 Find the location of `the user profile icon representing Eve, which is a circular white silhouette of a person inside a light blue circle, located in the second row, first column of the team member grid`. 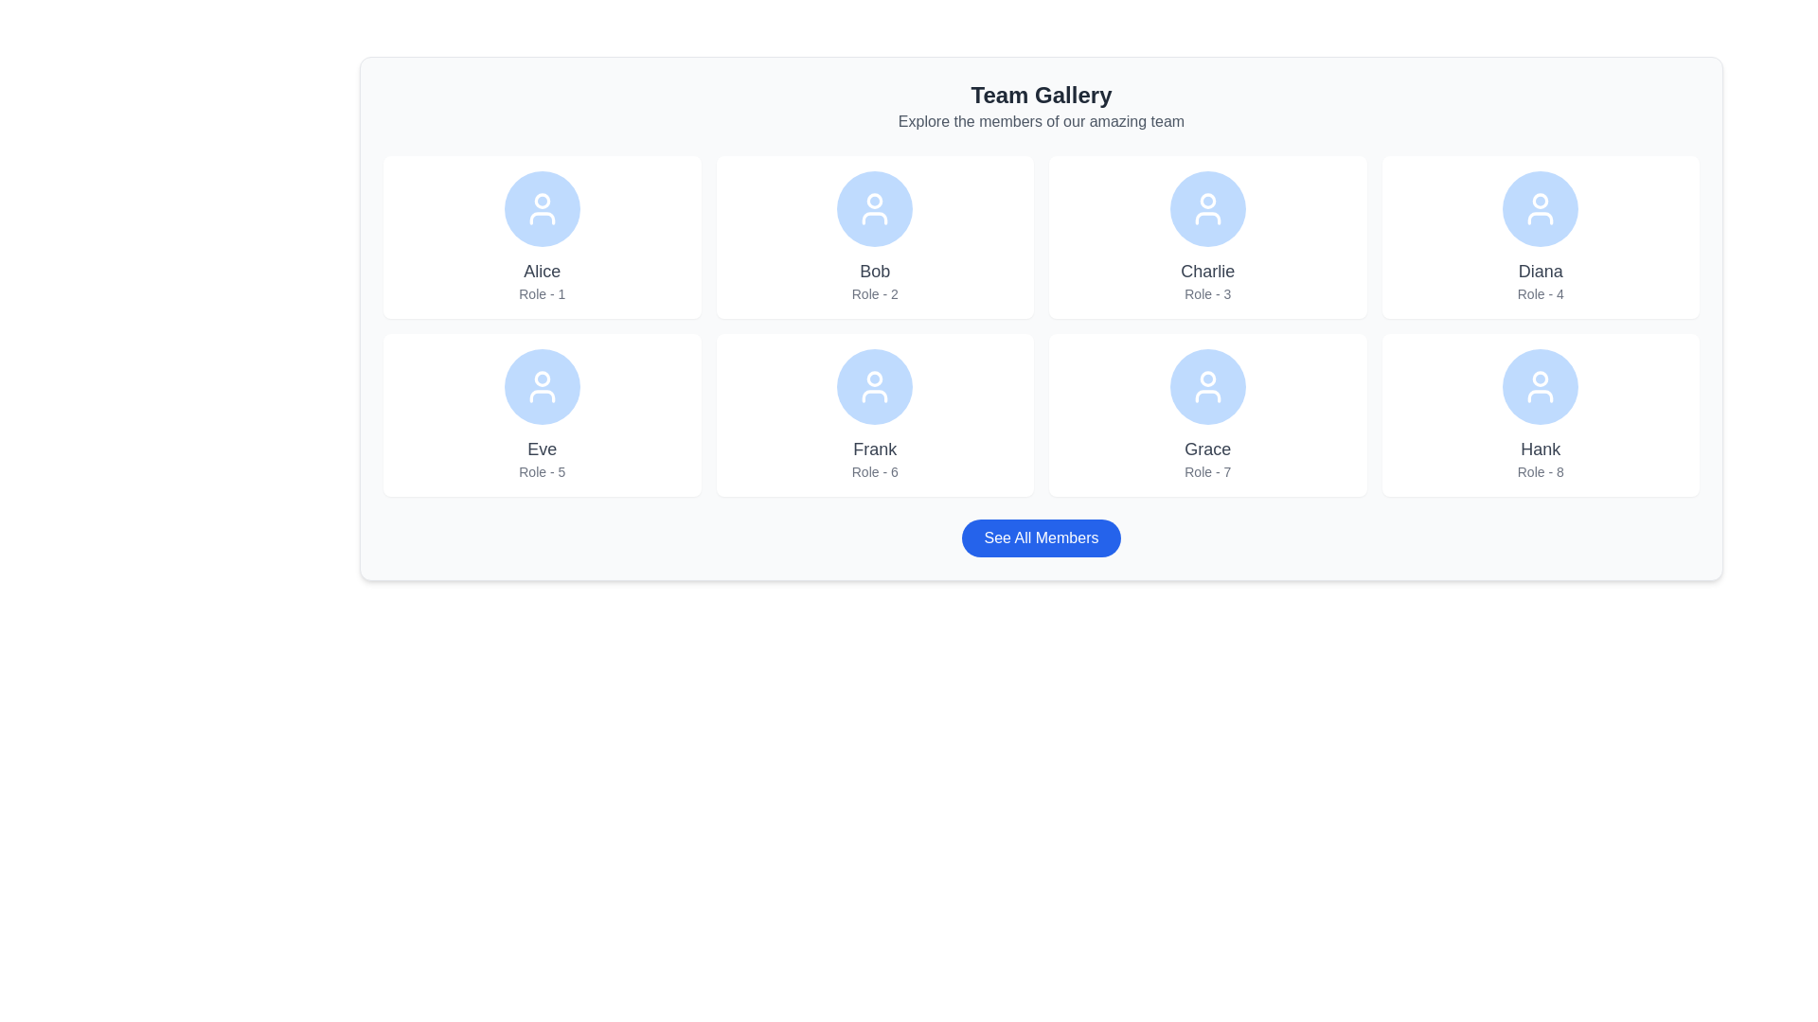

the user profile icon representing Eve, which is a circular white silhouette of a person inside a light blue circle, located in the second row, first column of the team member grid is located at coordinates (541, 385).